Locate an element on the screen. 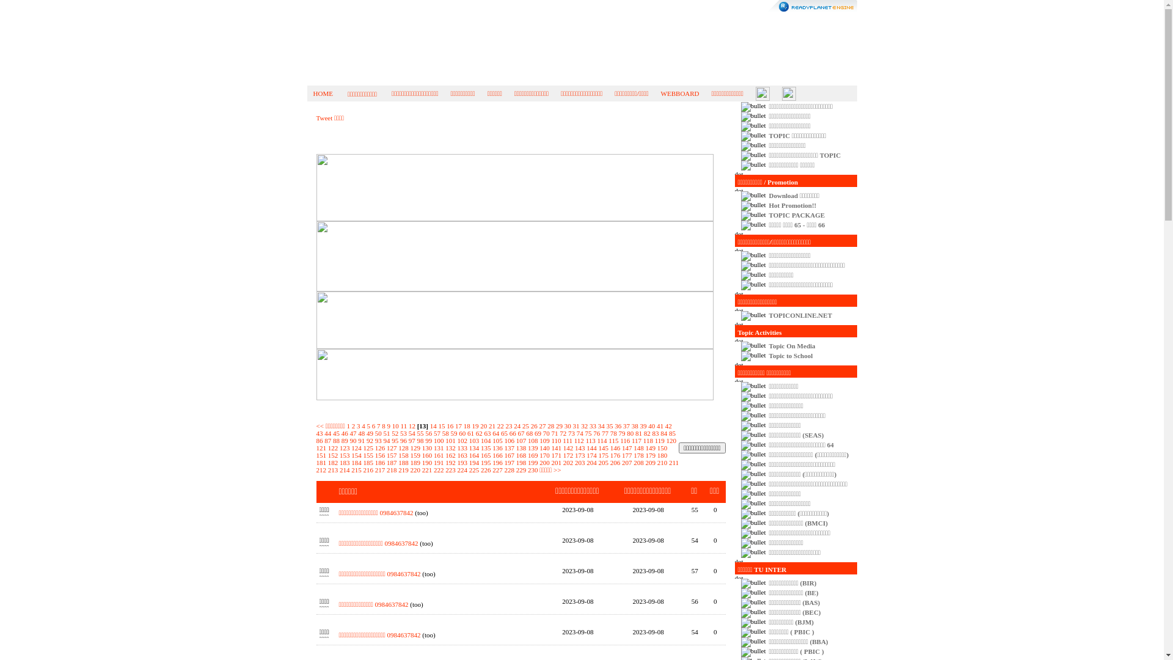 The image size is (1173, 660). '6' is located at coordinates (373, 425).